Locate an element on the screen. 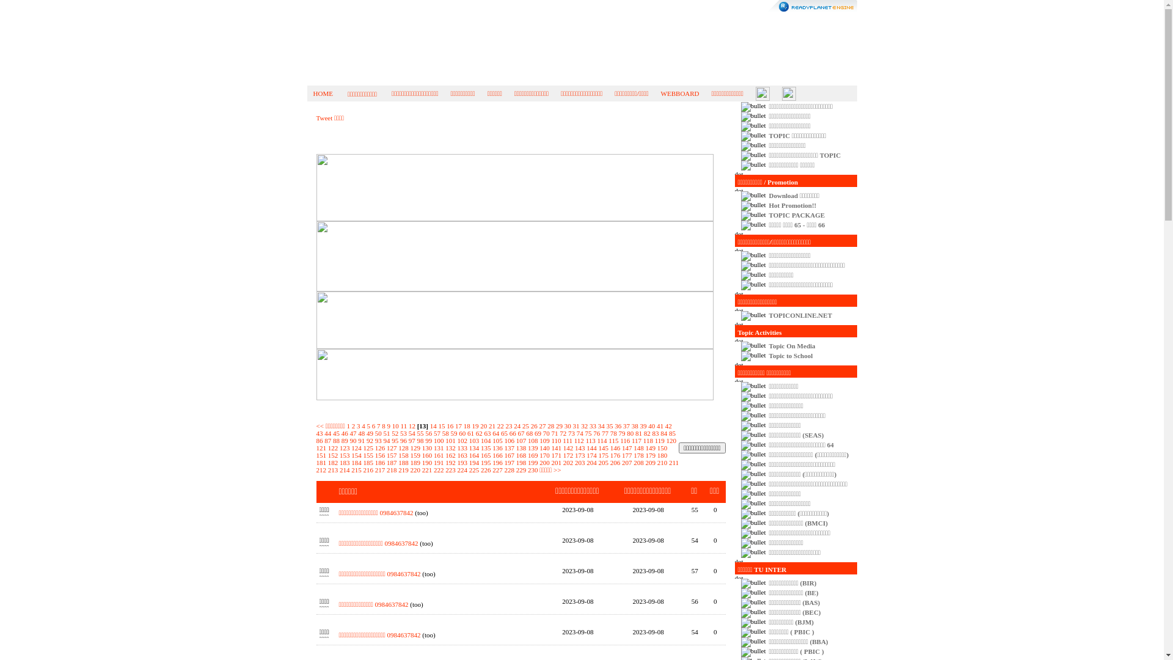 The image size is (1173, 660). '6' is located at coordinates (373, 425).